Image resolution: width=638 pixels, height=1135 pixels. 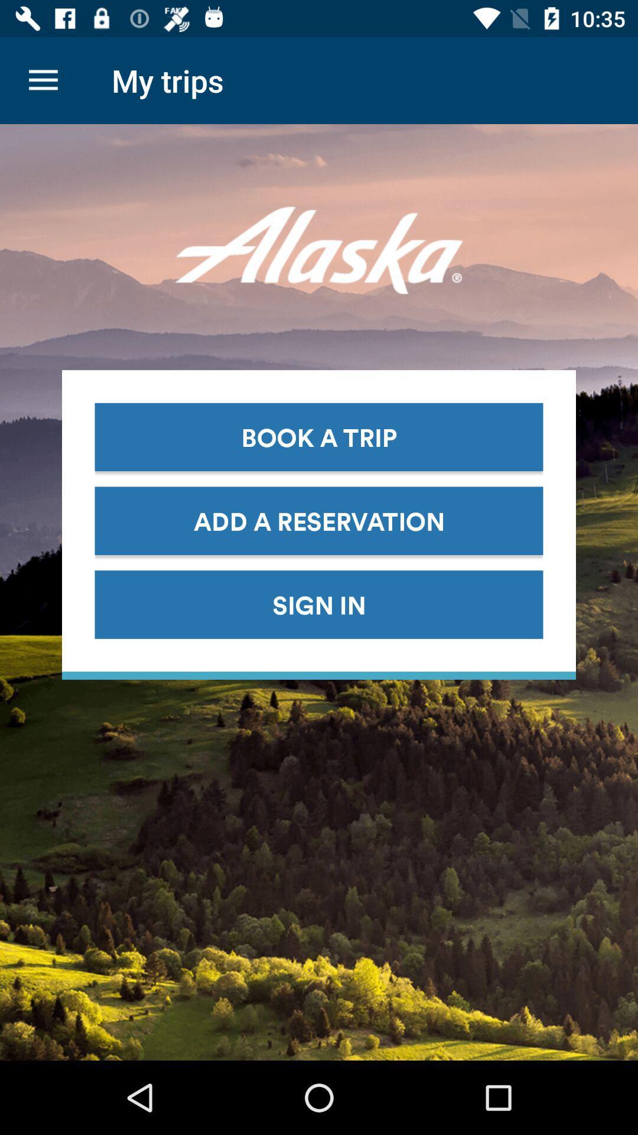 What do you see at coordinates (319, 520) in the screenshot?
I see `icon above the sign in item` at bounding box center [319, 520].